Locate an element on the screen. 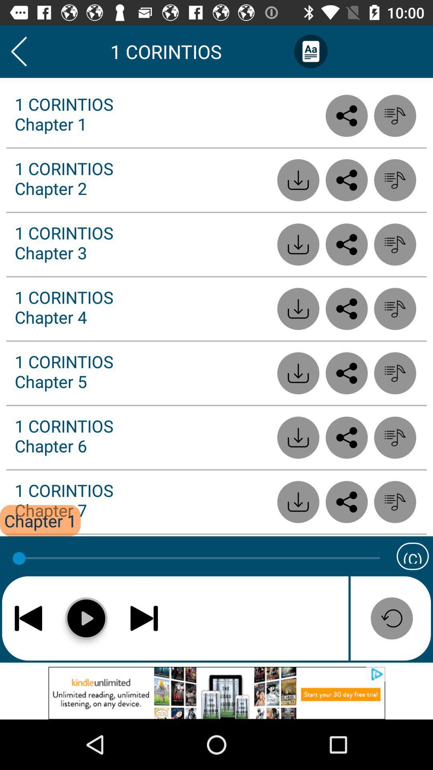  advertisement image is located at coordinates (216, 693).